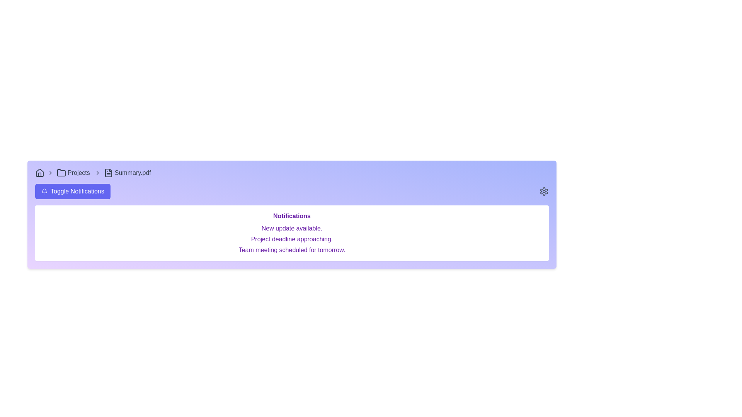 This screenshot has width=742, height=417. I want to click on text 'Projects' in the breadcrumb navigation as the second item following the home and folder icons, so click(78, 172).